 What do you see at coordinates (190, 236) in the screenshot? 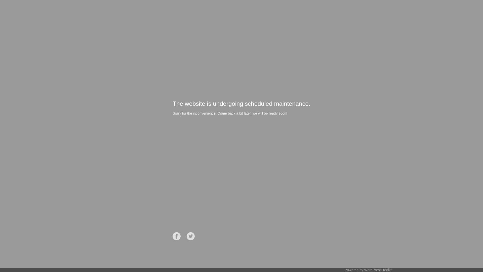
I see `'Twitter'` at bounding box center [190, 236].